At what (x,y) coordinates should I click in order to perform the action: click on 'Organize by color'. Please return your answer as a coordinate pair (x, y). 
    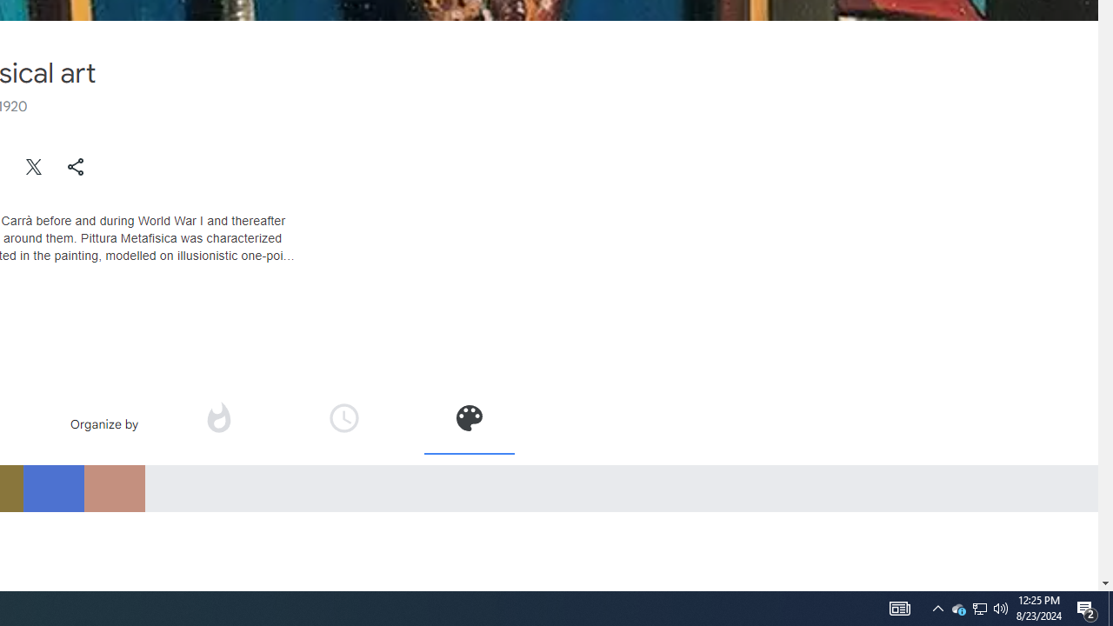
    Looking at the image, I should click on (469, 417).